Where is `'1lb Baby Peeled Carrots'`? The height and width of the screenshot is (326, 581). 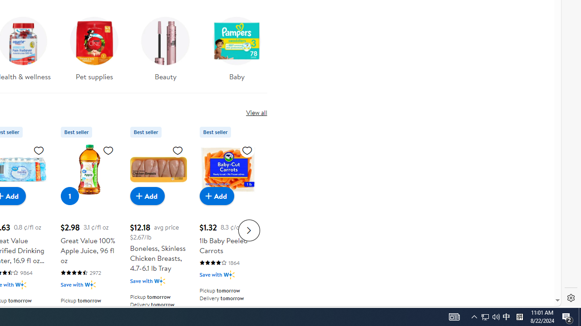 '1lb Baby Peeled Carrots' is located at coordinates (227, 169).